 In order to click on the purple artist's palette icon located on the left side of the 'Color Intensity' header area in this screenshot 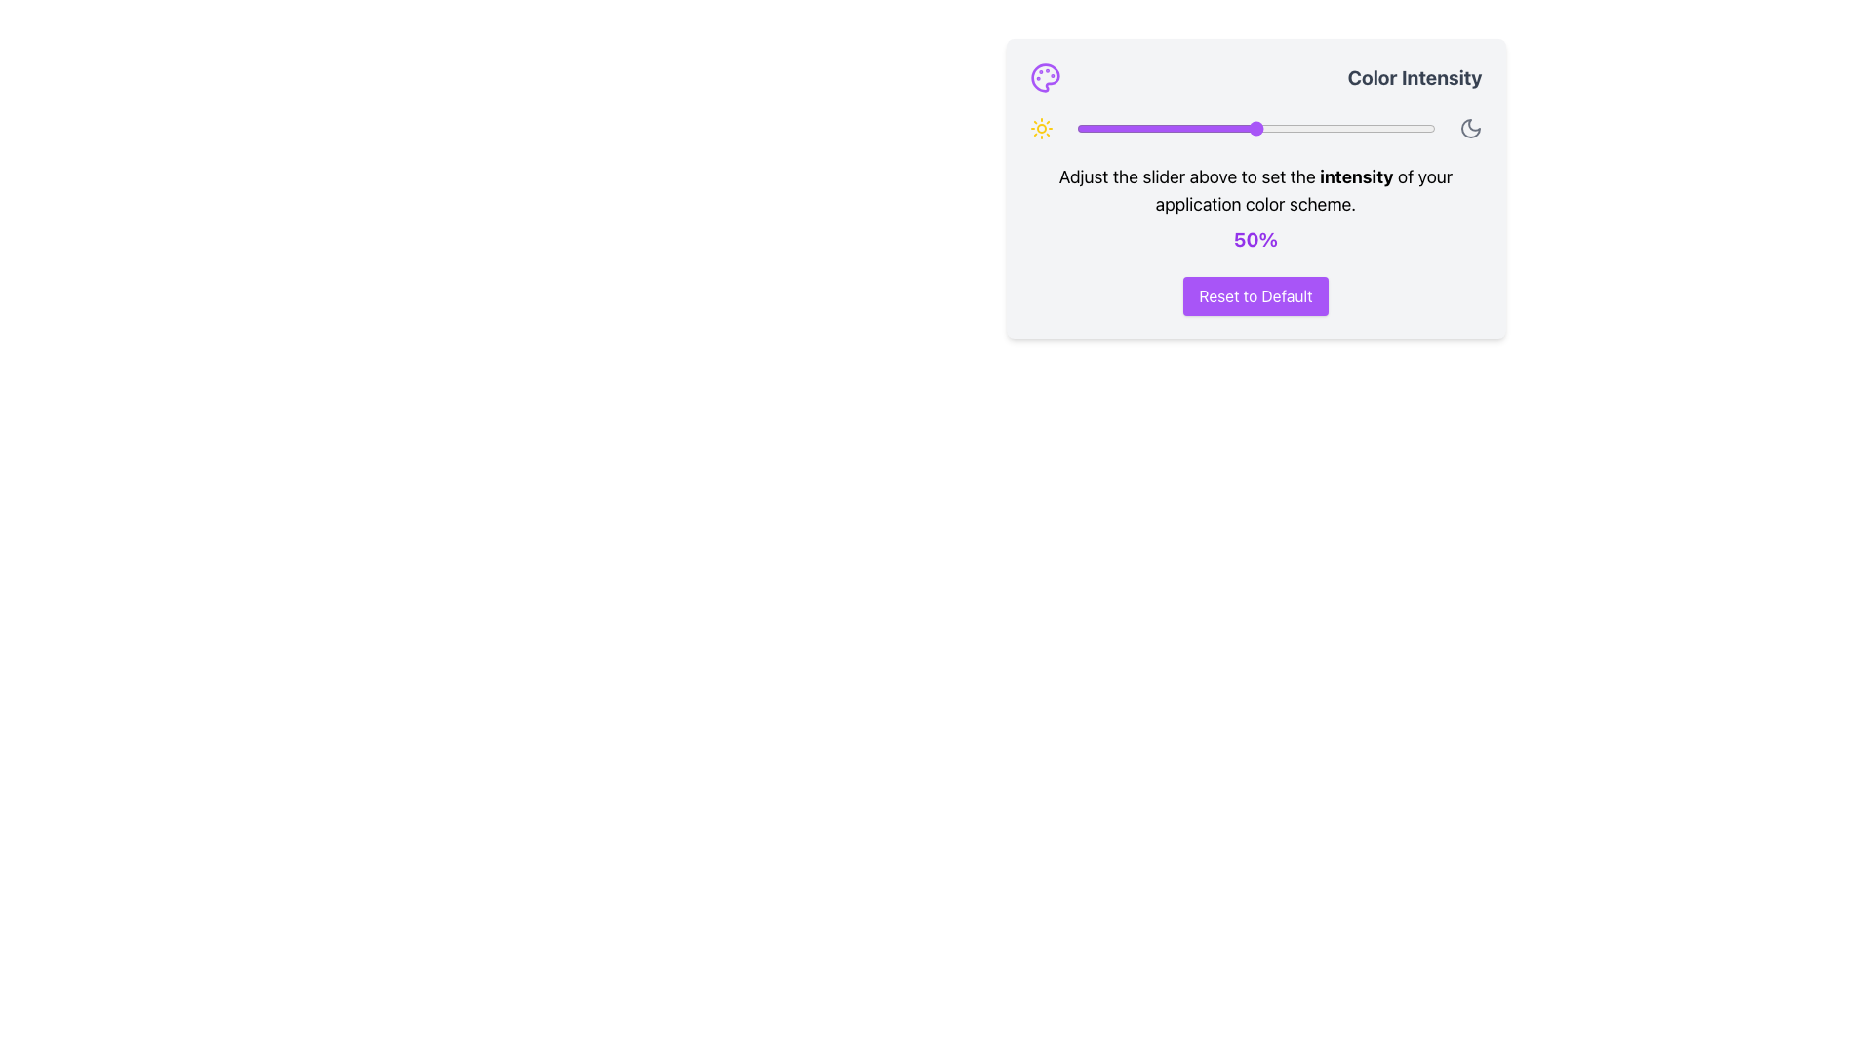, I will do `click(1044, 77)`.